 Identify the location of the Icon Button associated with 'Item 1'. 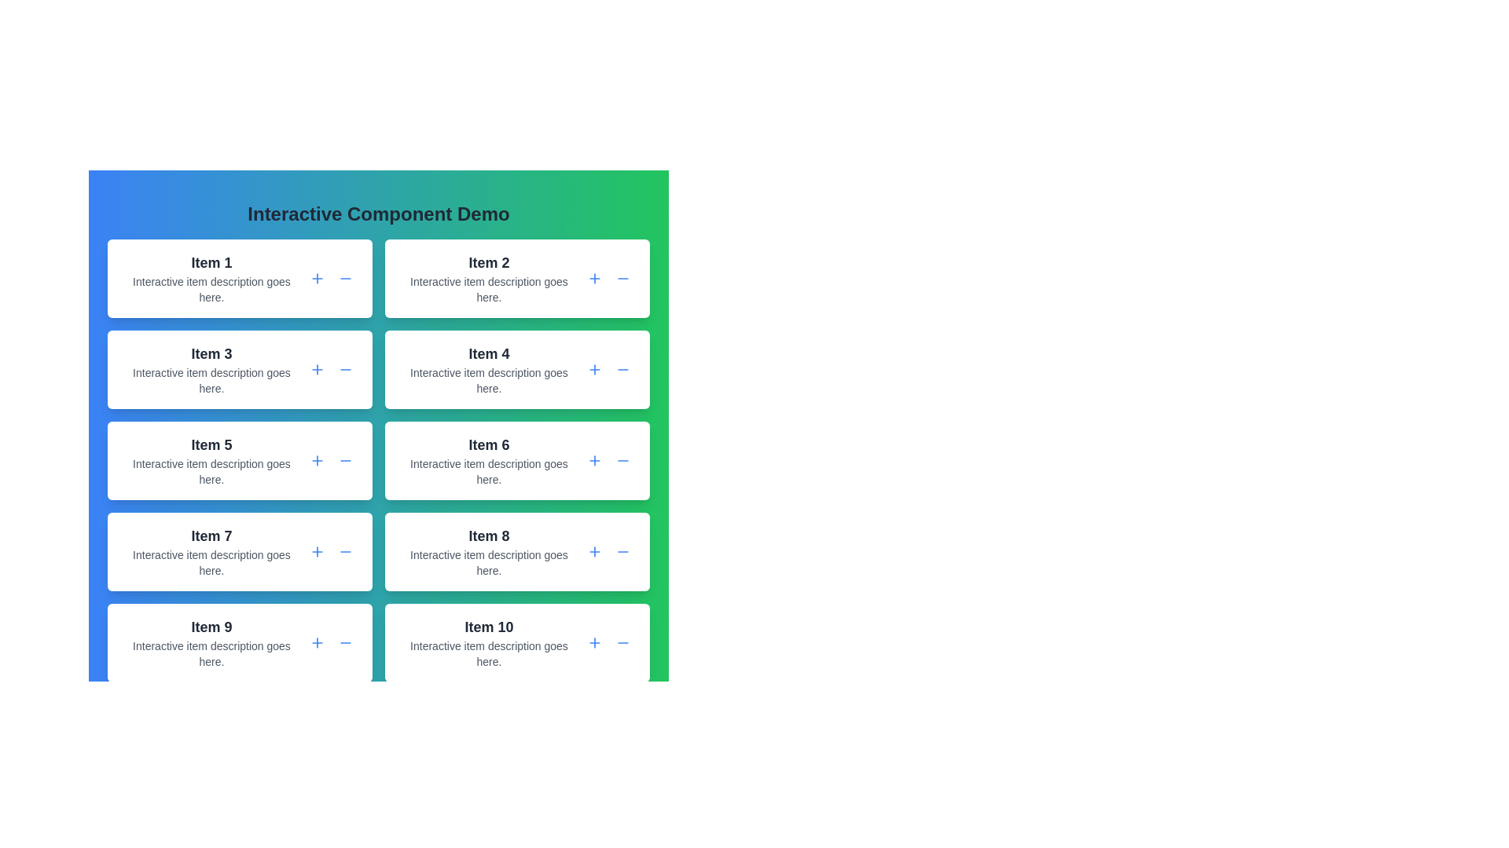
(316, 277).